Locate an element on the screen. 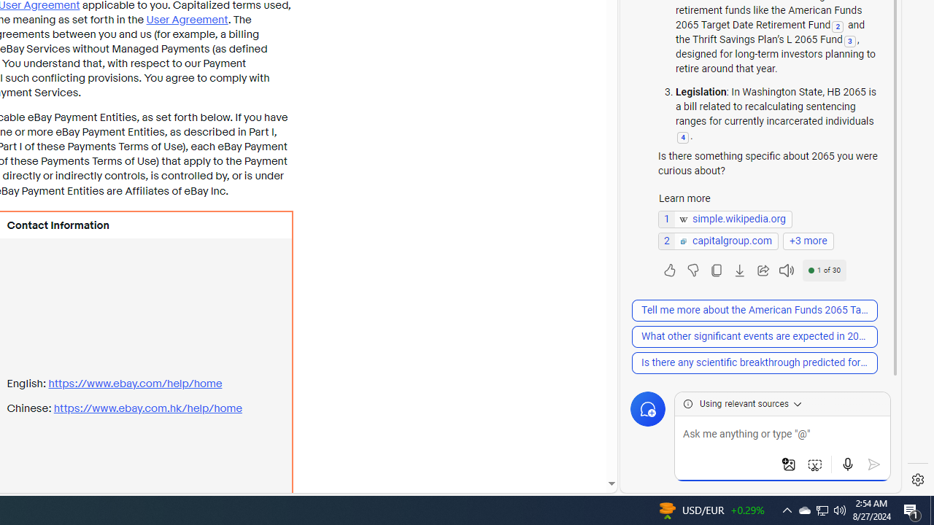 The width and height of the screenshot is (934, 525). 'https://www.ebay.com/ help/home' is located at coordinates (135, 382).